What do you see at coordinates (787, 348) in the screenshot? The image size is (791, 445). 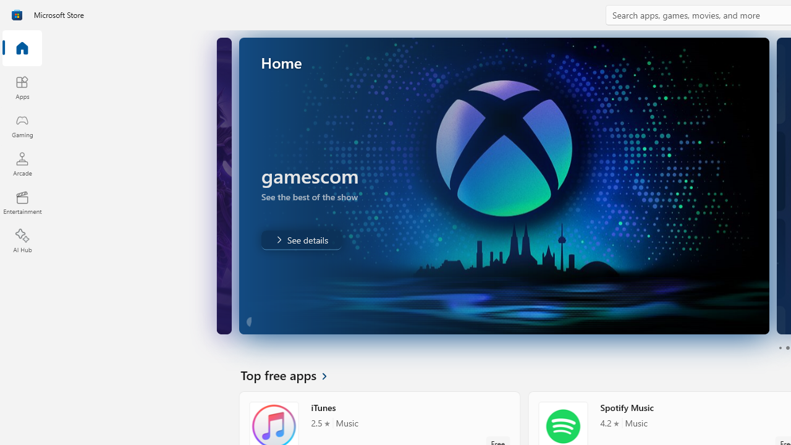 I see `'Page 2'` at bounding box center [787, 348].